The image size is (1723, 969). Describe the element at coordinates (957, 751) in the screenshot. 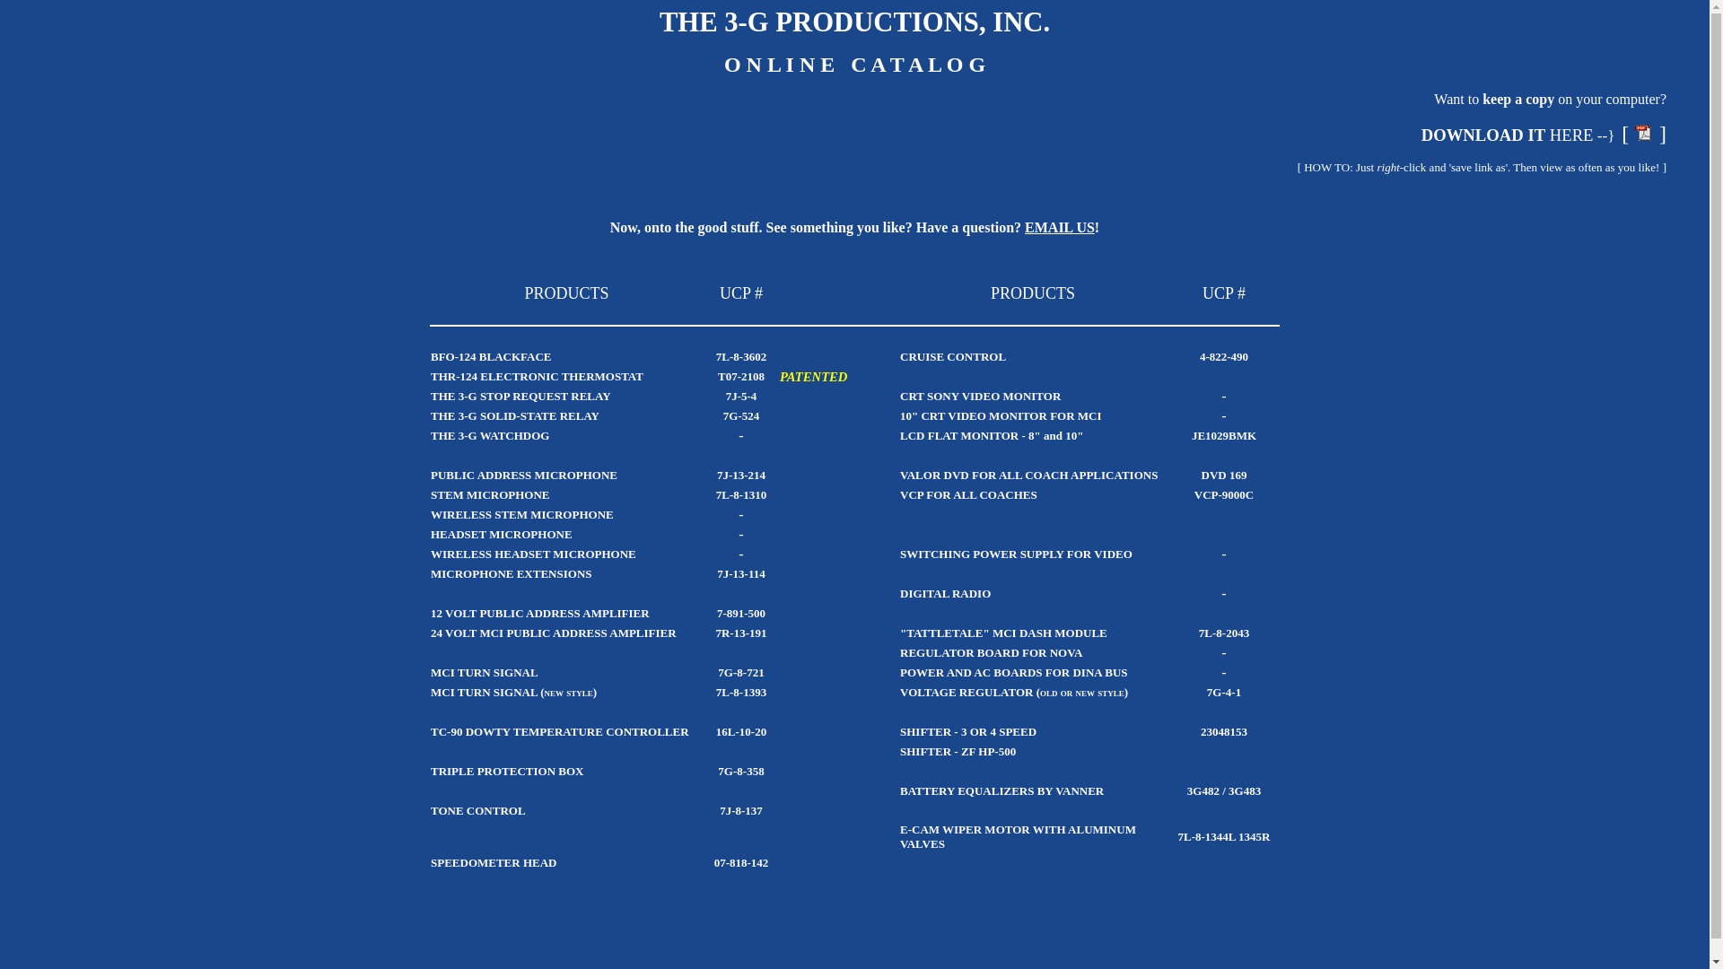

I see `'SHIFTER - ZF HP-500'` at that location.